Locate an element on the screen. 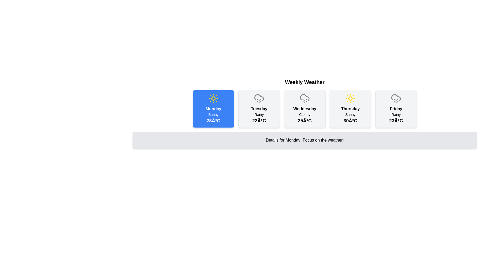 Image resolution: width=498 pixels, height=280 pixels. the weather button for 'Tuesday', which shows 'Rainy' and '22°C' is located at coordinates (259, 109).